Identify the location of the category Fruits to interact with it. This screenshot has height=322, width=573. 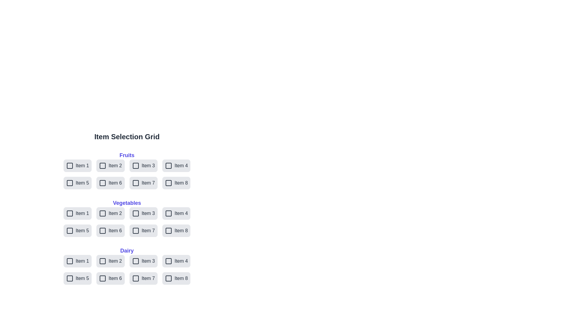
(127, 155).